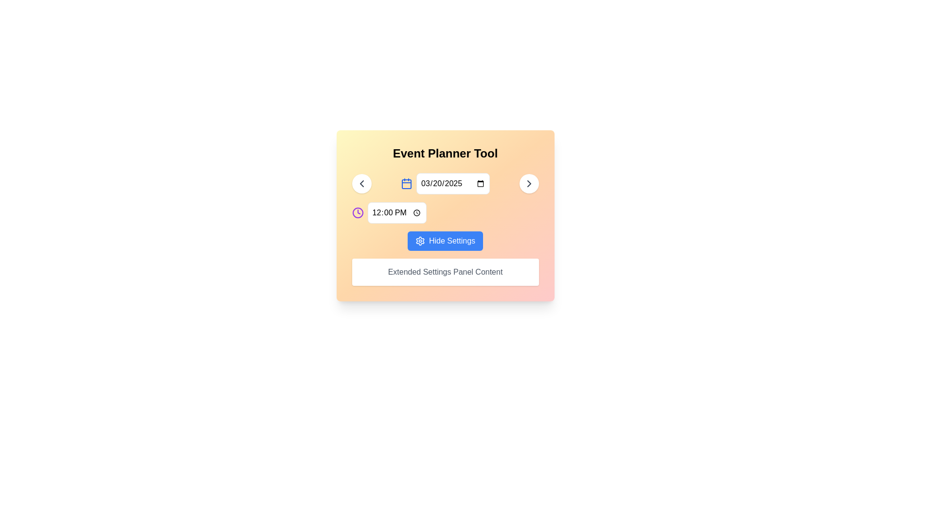 The height and width of the screenshot is (525, 934). What do you see at coordinates (420, 241) in the screenshot?
I see `the blue settings cog icon, which is located to the left of the 'Hide Settings' text within the button at the center of the bottom half of the card` at bounding box center [420, 241].